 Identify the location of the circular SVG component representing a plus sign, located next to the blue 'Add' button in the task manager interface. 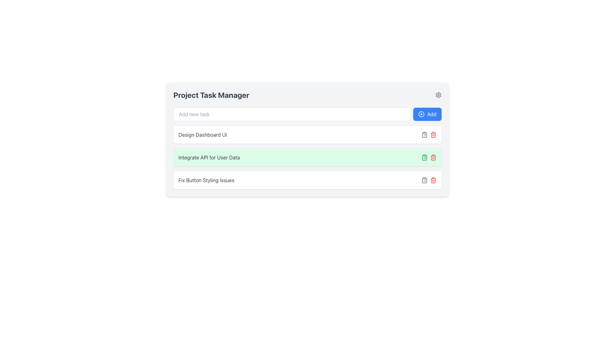
(421, 114).